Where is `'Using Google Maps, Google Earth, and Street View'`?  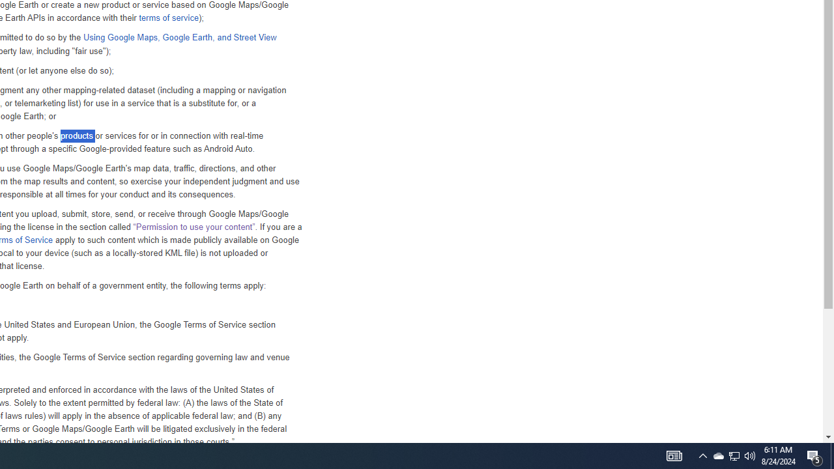
'Using Google Maps, Google Earth, and Street View' is located at coordinates (179, 36).